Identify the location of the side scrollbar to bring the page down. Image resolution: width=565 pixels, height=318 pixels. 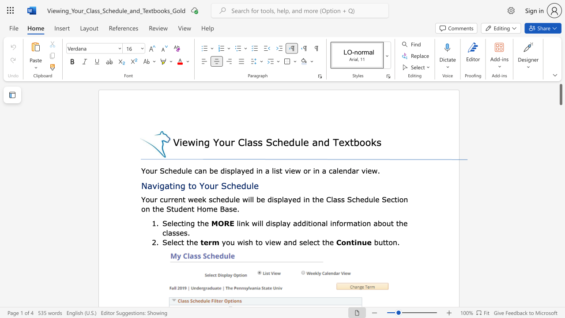
(560, 159).